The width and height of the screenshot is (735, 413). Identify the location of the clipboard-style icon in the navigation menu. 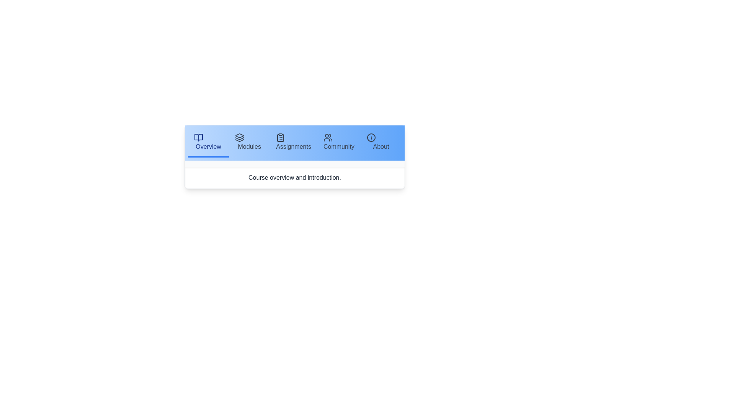
(280, 138).